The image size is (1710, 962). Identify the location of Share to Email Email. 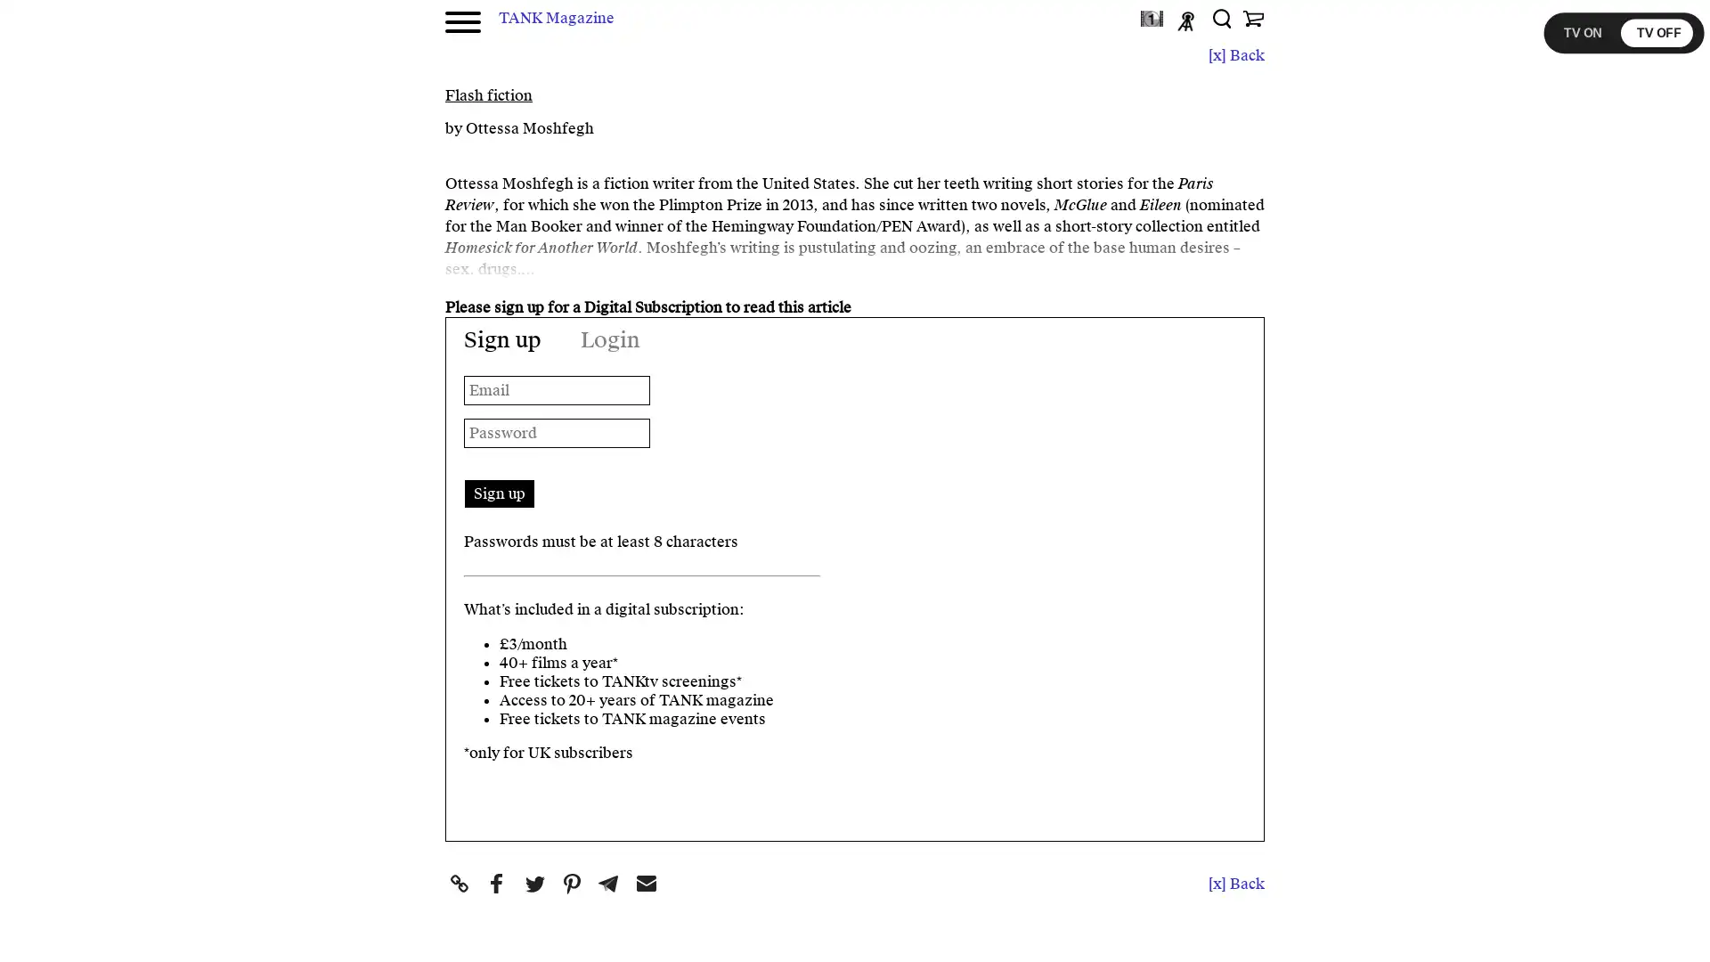
(645, 878).